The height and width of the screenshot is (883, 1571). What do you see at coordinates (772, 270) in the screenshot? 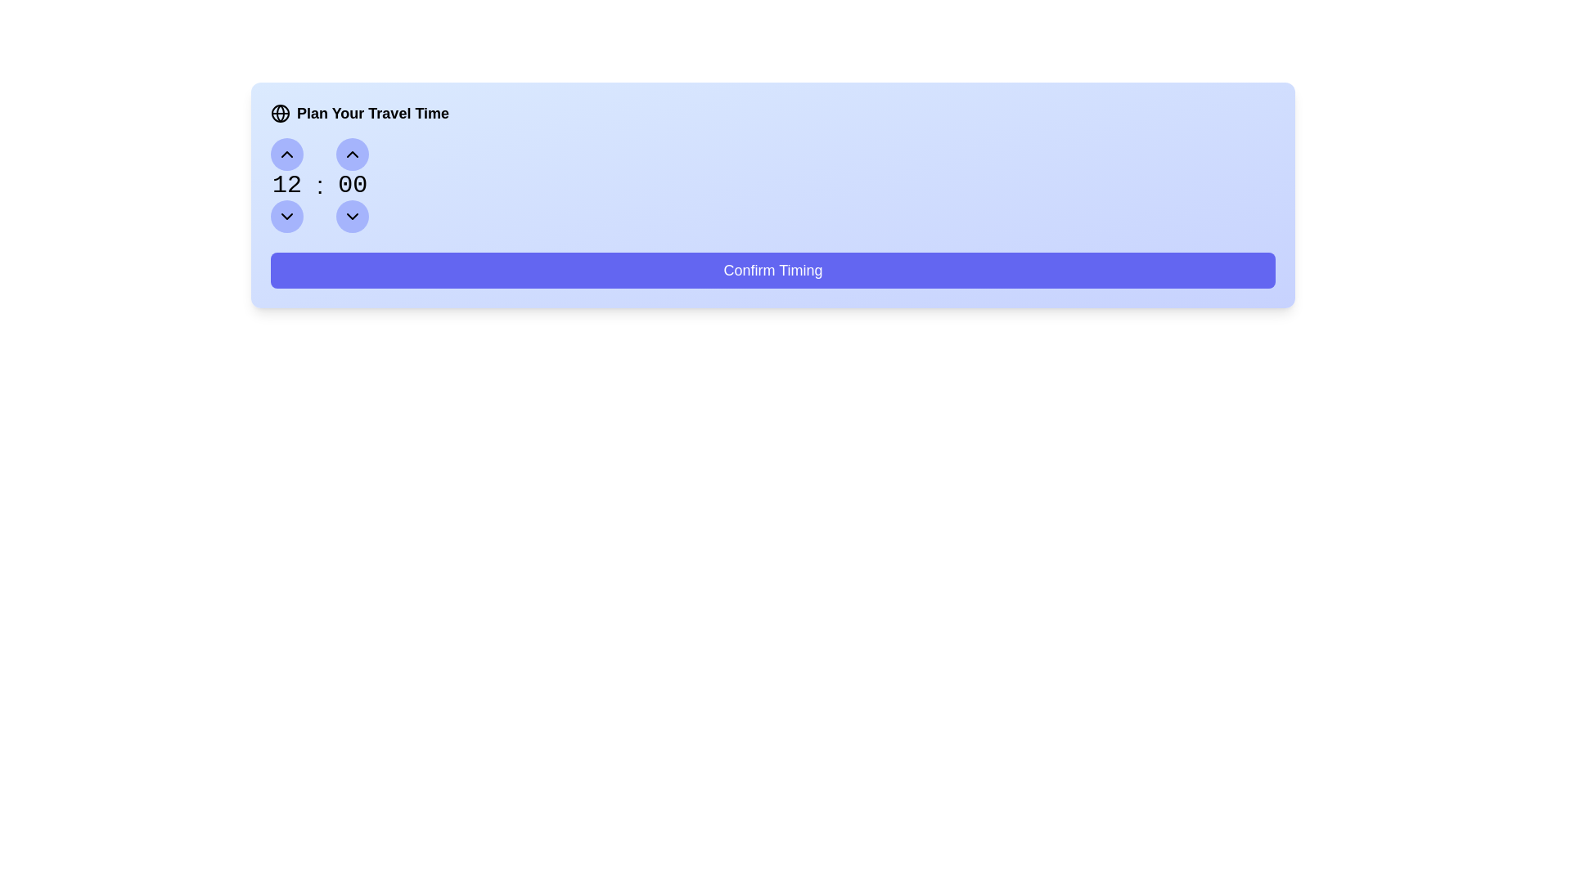
I see `the indigo-500 colored button labeled 'Confirm Timing' to confirm the timing` at bounding box center [772, 270].